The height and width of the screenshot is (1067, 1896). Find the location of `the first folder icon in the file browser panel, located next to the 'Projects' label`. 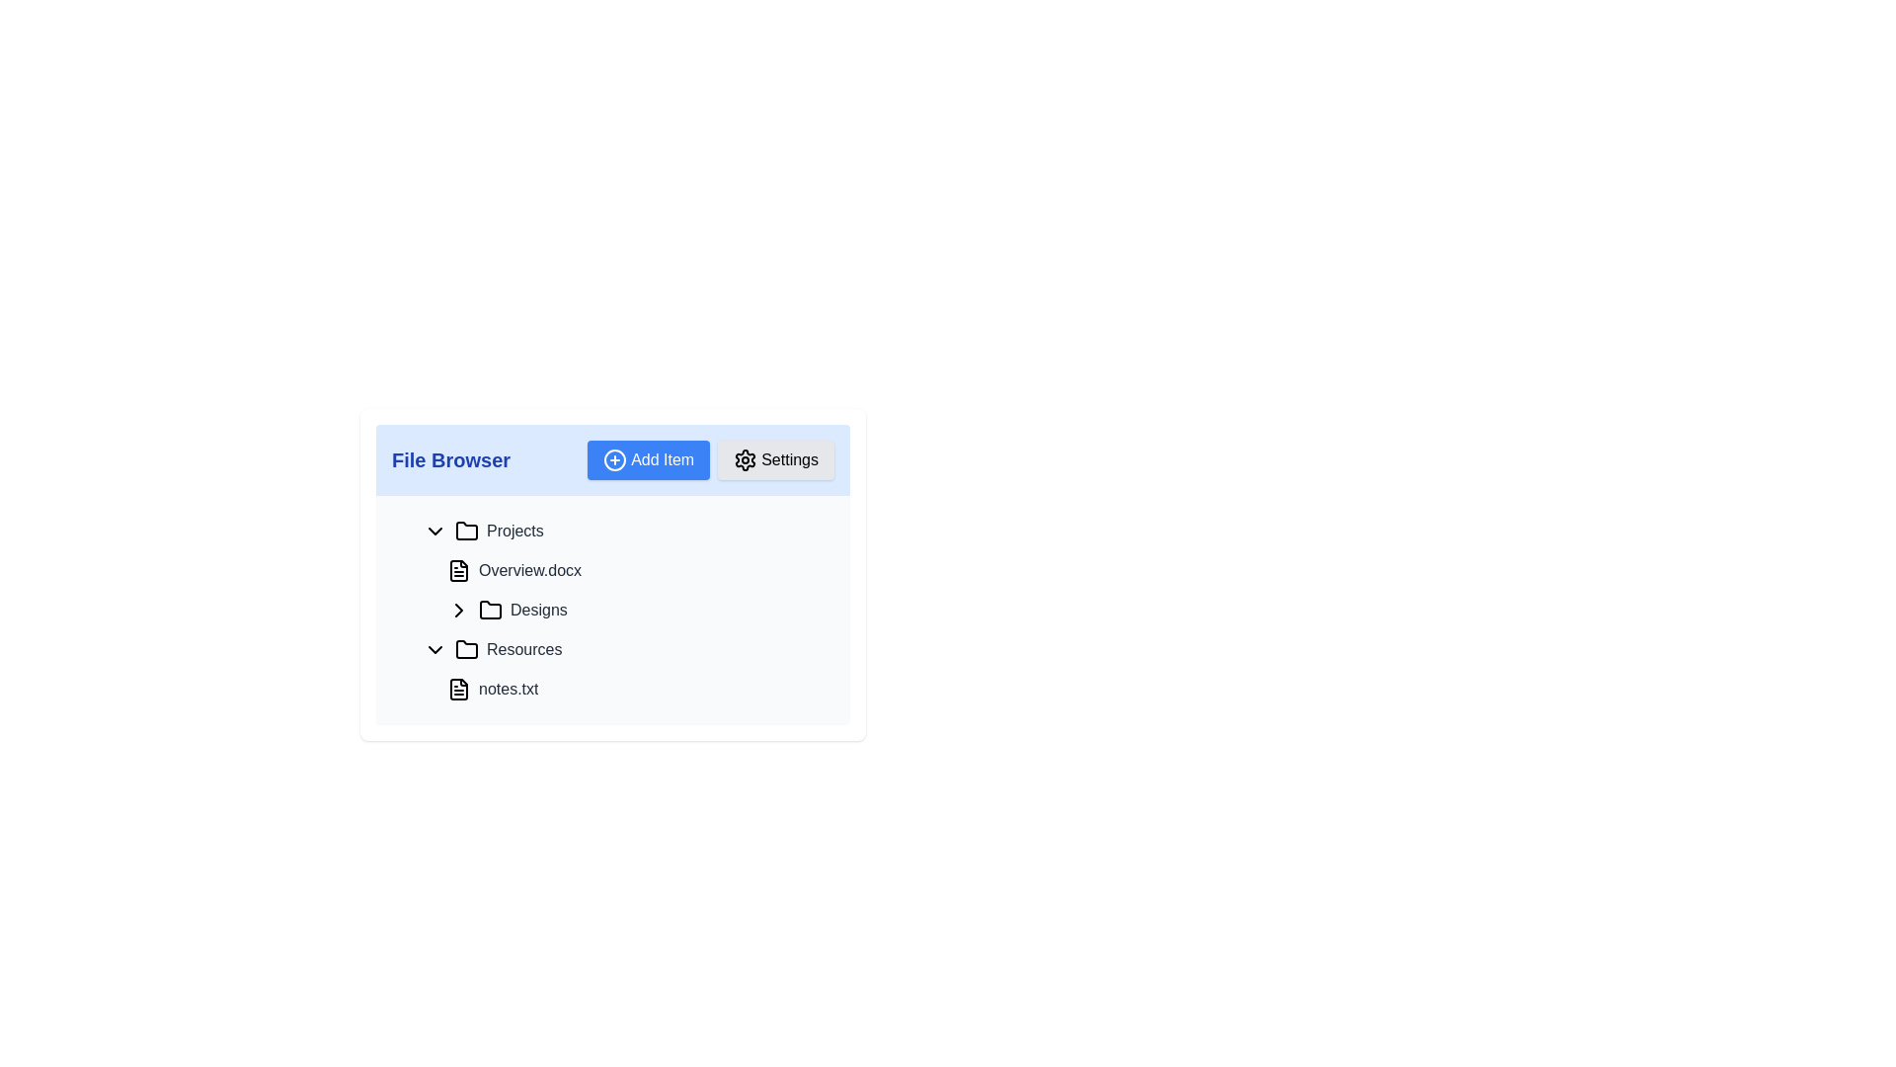

the first folder icon in the file browser panel, located next to the 'Projects' label is located at coordinates (466, 530).